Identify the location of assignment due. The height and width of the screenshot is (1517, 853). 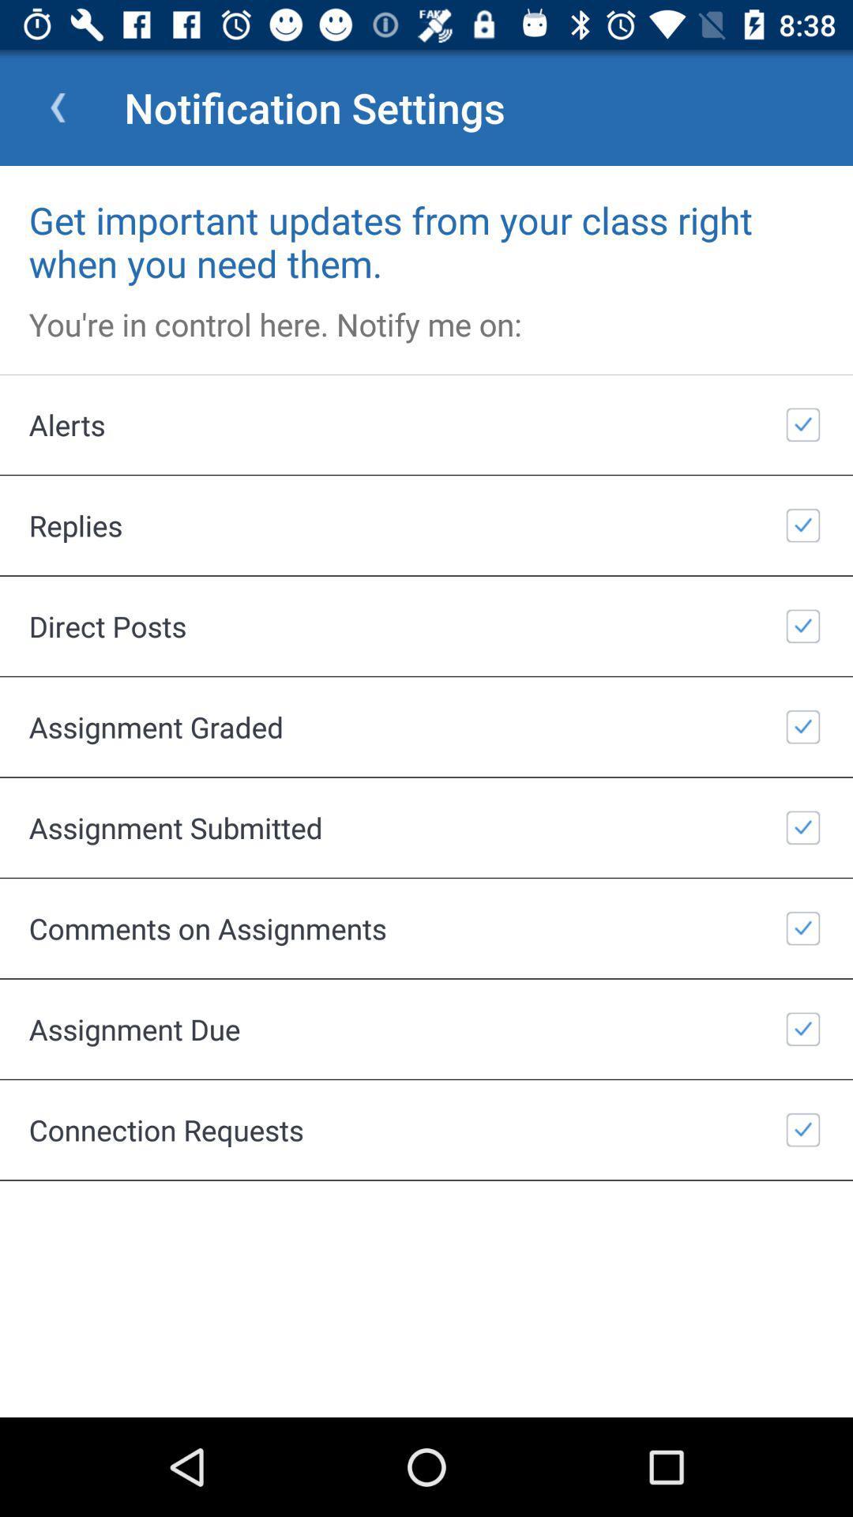
(426, 1029).